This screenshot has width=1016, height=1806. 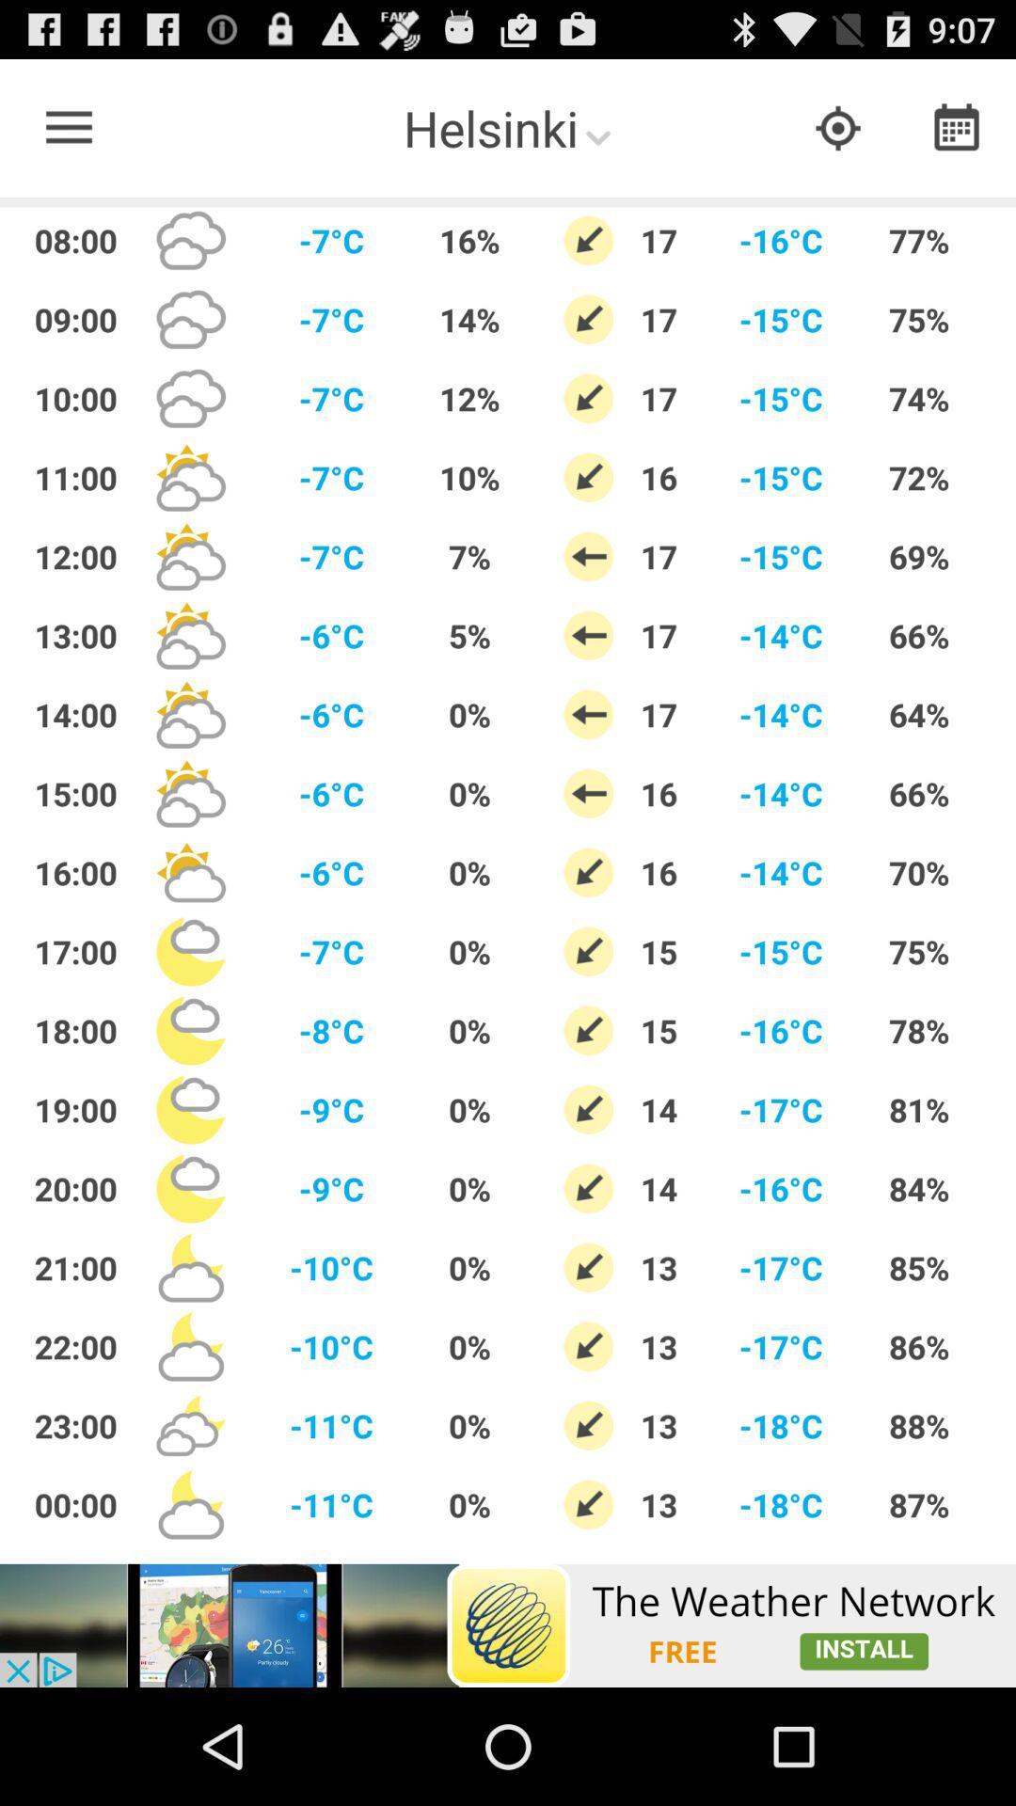 What do you see at coordinates (508, 1624) in the screenshot?
I see `another app` at bounding box center [508, 1624].